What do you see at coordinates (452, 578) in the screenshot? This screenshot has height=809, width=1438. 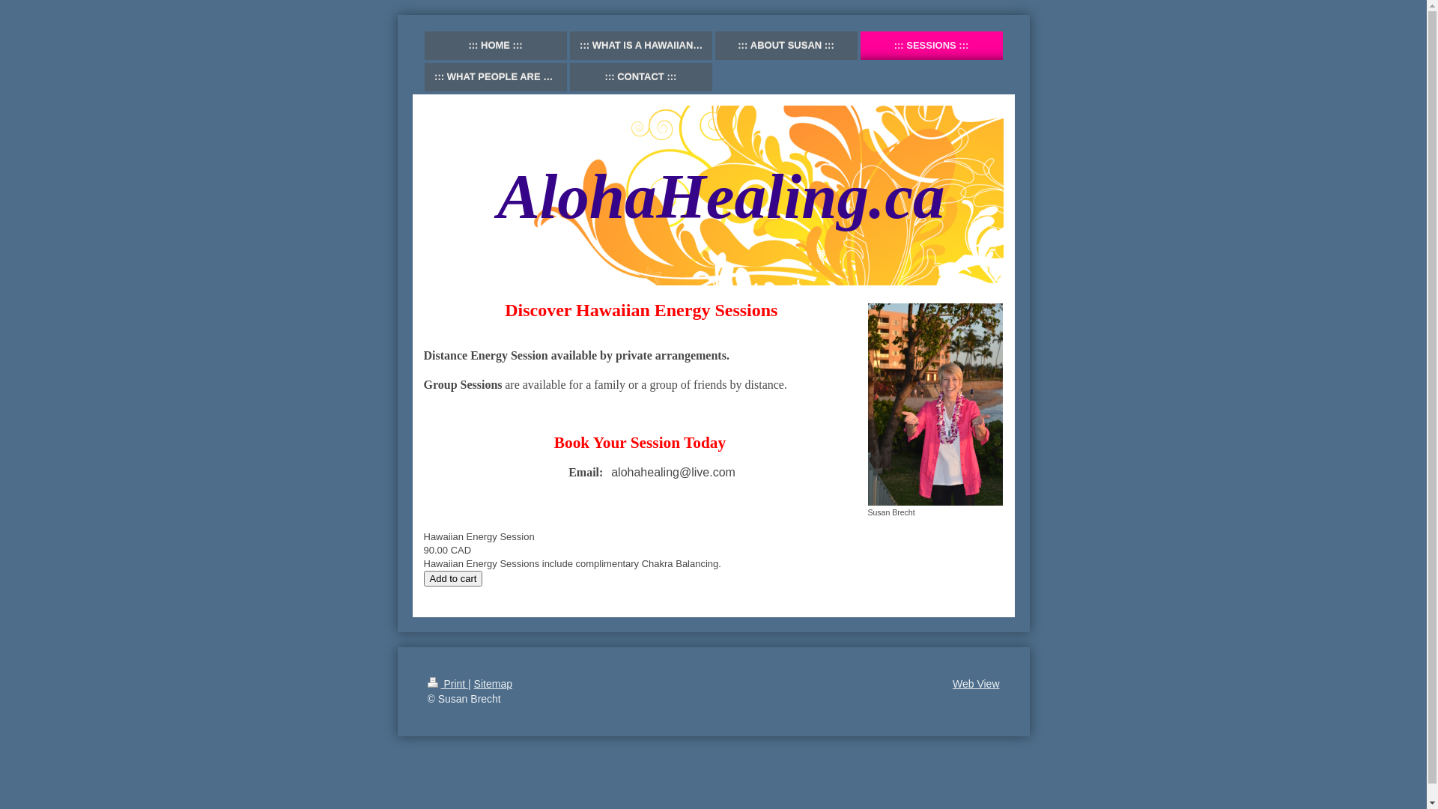 I see `'Add to cart'` at bounding box center [452, 578].